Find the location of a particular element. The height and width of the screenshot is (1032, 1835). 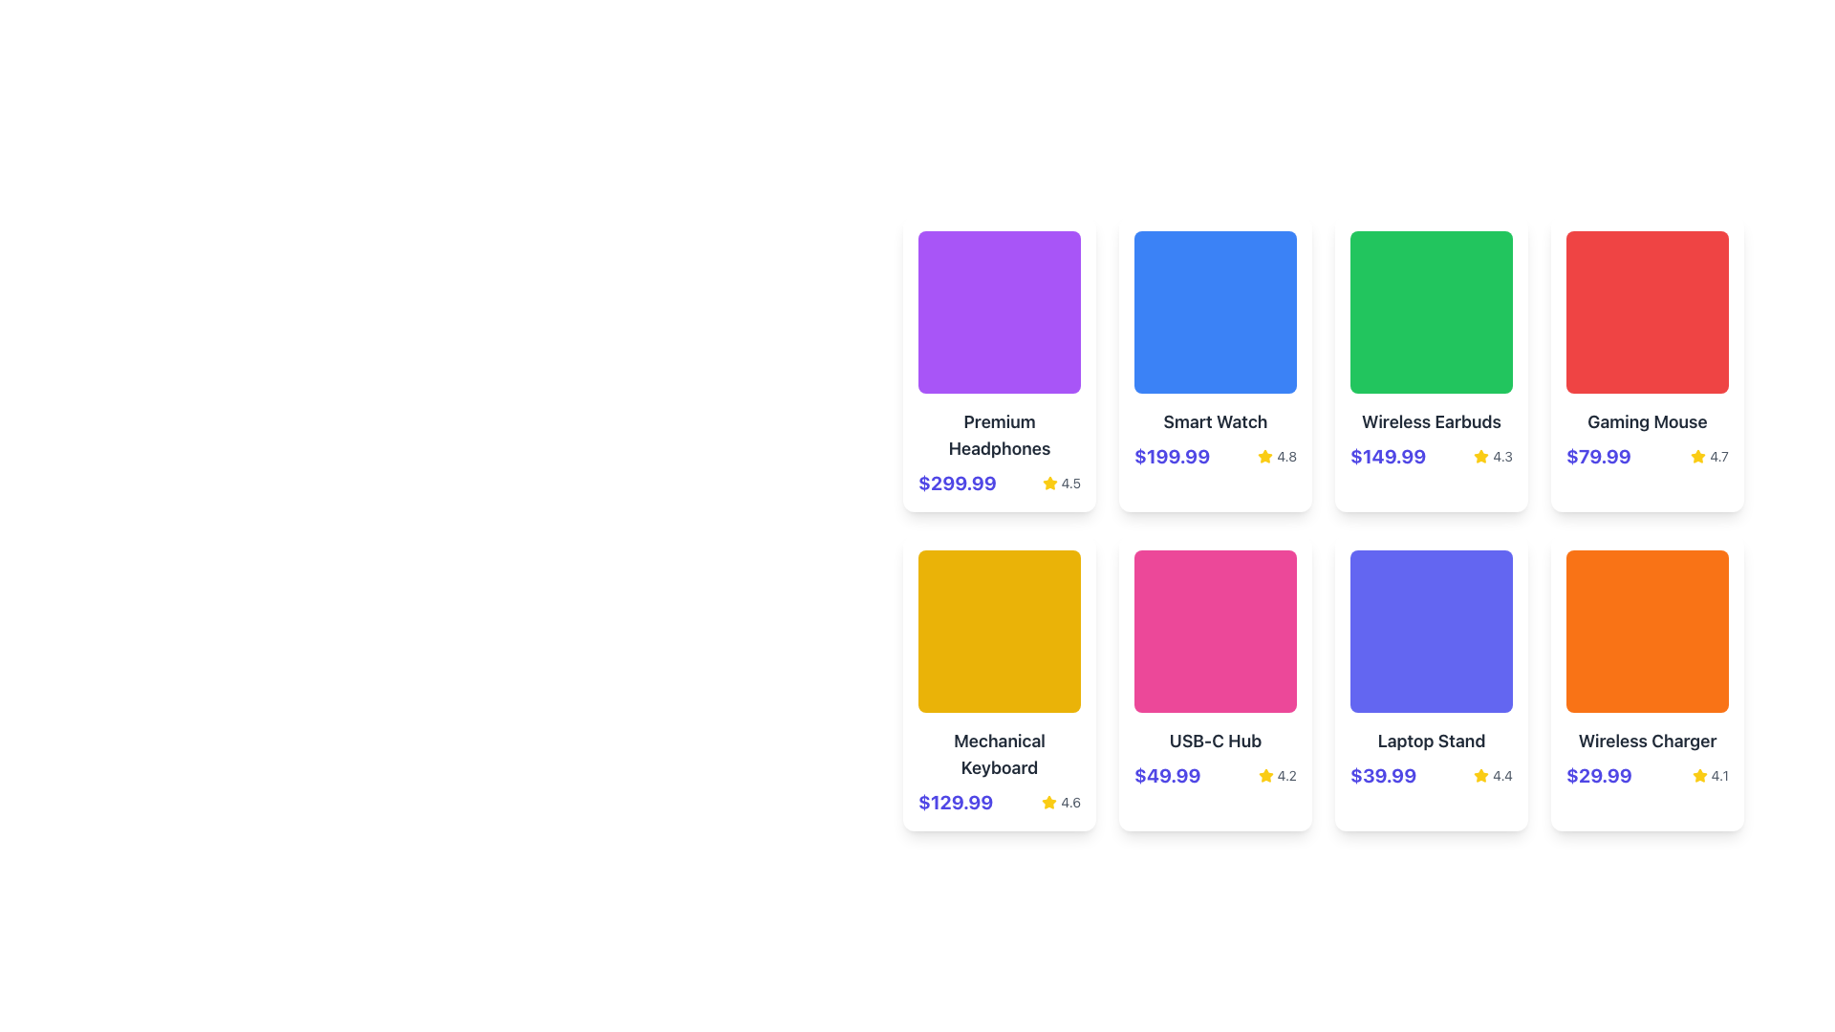

average user rating value displayed on the Rating indicator located to the right of the price information in the bottom section of the 'Laptop Stand' product card is located at coordinates (1492, 776).